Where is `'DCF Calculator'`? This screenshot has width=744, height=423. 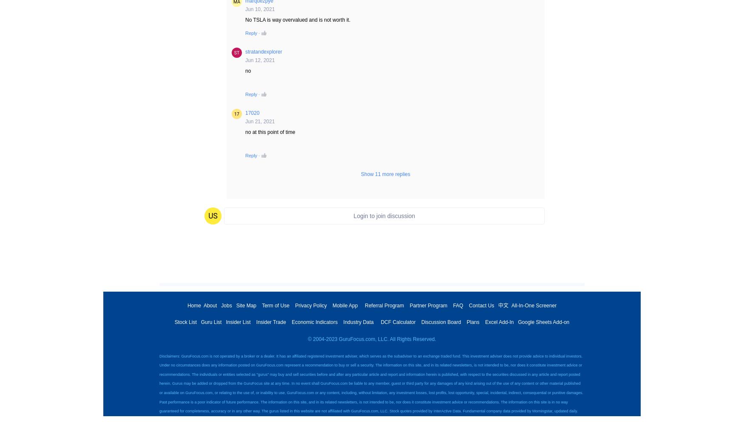 'DCF Calculator' is located at coordinates (398, 321).